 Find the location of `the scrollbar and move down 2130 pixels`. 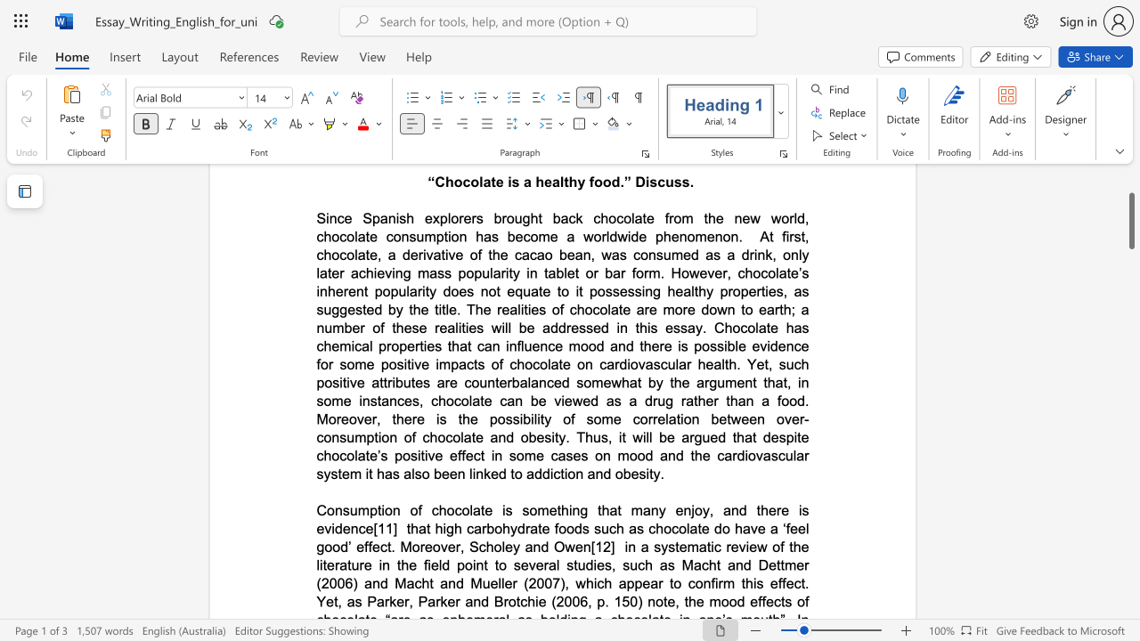

the scrollbar and move down 2130 pixels is located at coordinates (1130, 220).